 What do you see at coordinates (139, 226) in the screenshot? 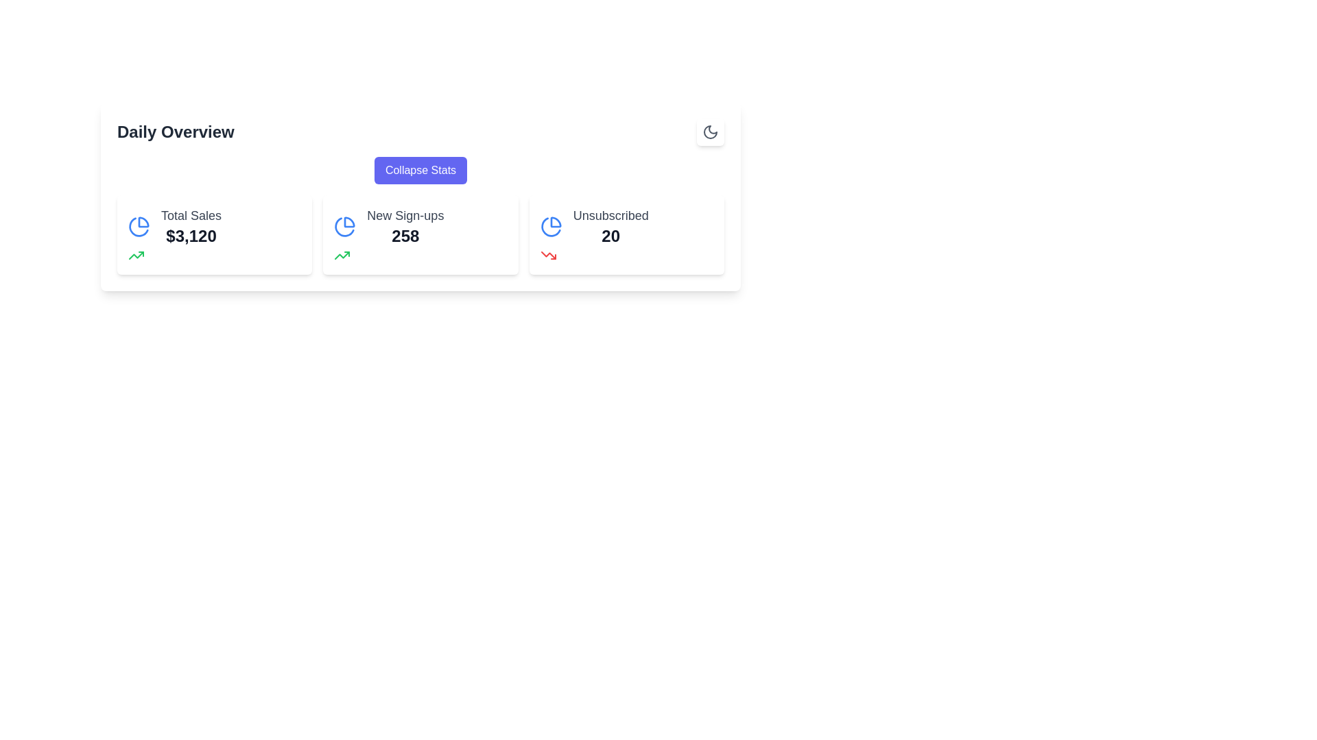
I see `the pie chart icon representing the 'Total Sales' metric in the Daily Overview interface, which is positioned to the left of the text 'Total Sales $3,120'` at bounding box center [139, 226].